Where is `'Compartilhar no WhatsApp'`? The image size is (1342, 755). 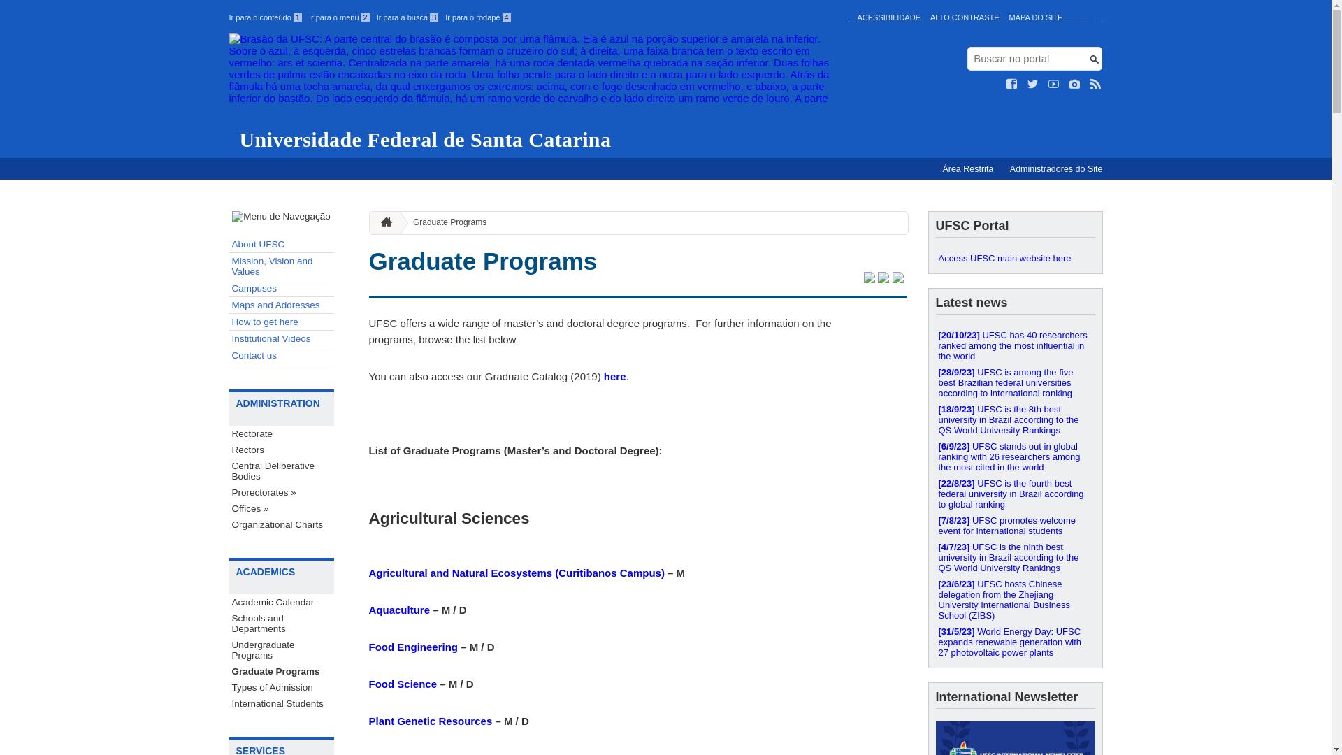
'Compartilhar no WhatsApp' is located at coordinates (897, 279).